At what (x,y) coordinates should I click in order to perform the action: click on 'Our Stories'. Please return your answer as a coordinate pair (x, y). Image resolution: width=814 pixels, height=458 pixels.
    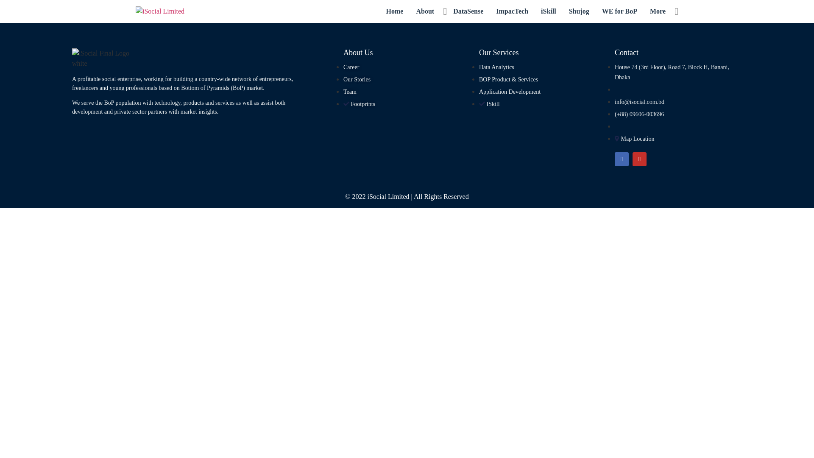
    Looking at the image, I should click on (357, 79).